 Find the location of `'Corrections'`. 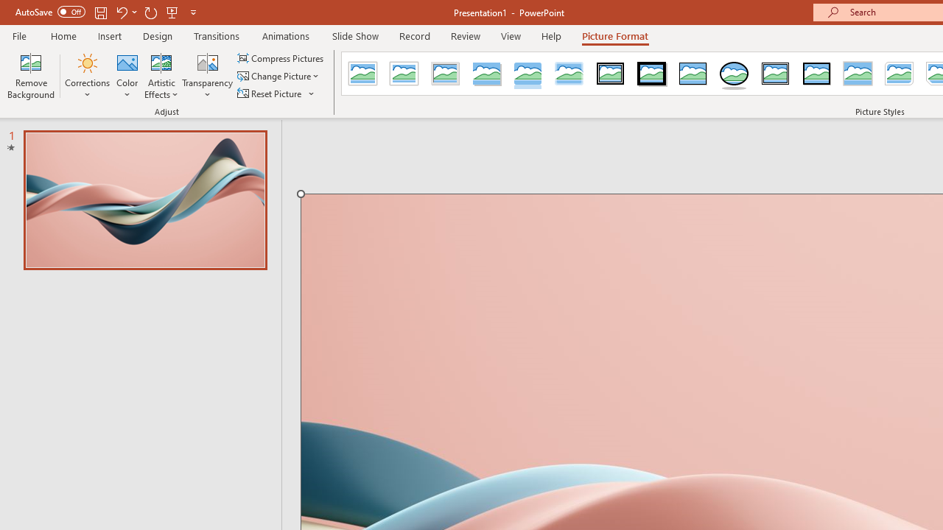

'Corrections' is located at coordinates (87, 76).